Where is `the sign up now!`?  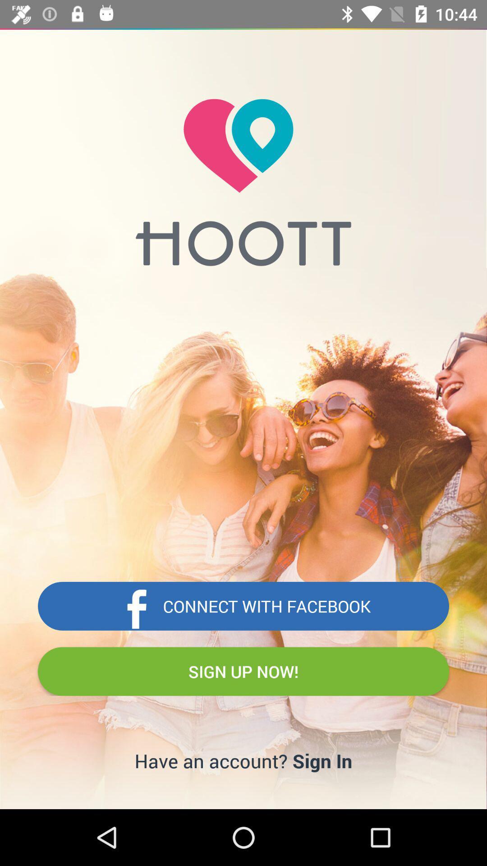
the sign up now! is located at coordinates (243, 671).